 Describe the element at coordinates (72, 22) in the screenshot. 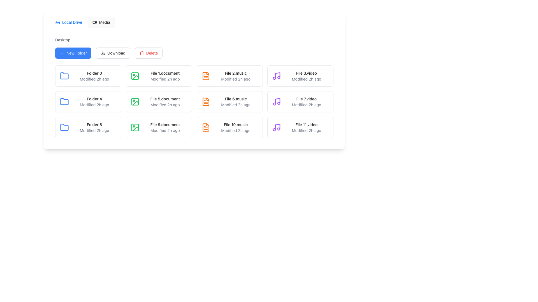

I see `the static label 'Local Drive' displayed in blue font, which is bold and located next to the hard drive icon in the navigation bar` at that location.